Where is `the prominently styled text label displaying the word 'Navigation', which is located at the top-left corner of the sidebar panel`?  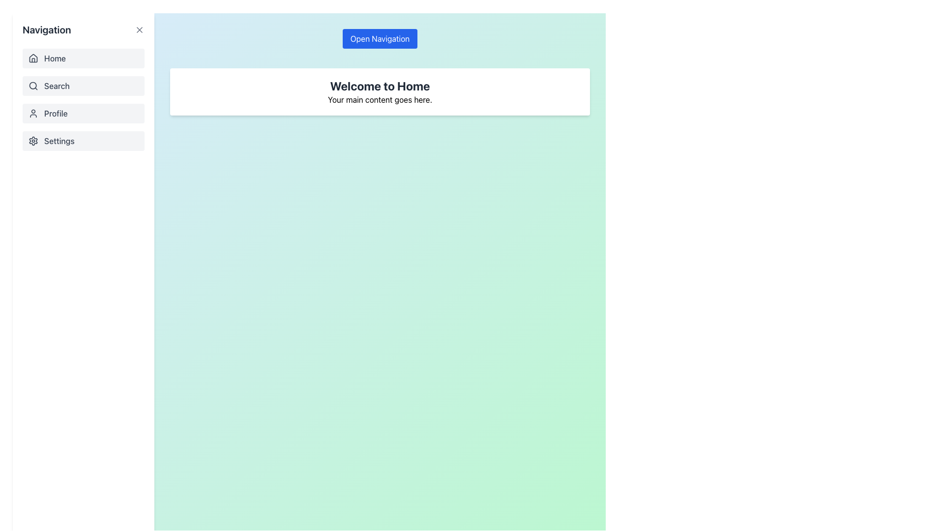 the prominently styled text label displaying the word 'Navigation', which is located at the top-left corner of the sidebar panel is located at coordinates (46, 29).